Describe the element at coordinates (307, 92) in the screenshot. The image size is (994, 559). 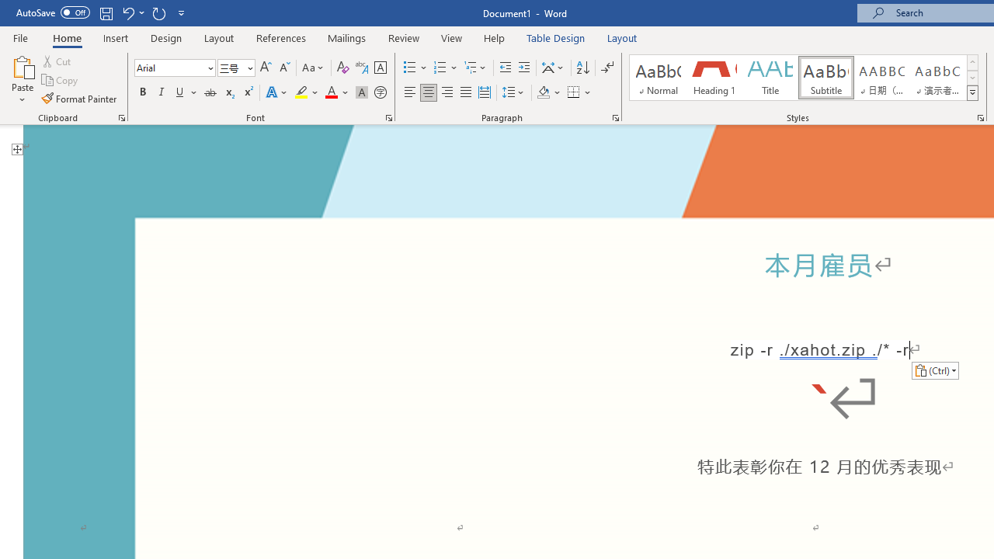
I see `'Text Highlight Color'` at that location.